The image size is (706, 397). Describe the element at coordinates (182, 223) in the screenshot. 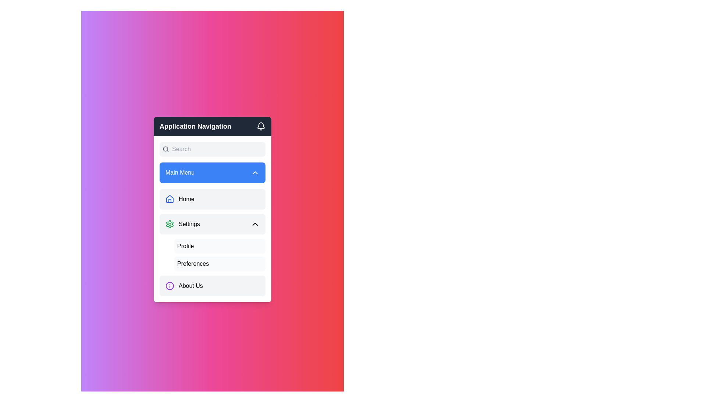

I see `the 'Settings' menu item, which features a green gear icon and bold text` at that location.